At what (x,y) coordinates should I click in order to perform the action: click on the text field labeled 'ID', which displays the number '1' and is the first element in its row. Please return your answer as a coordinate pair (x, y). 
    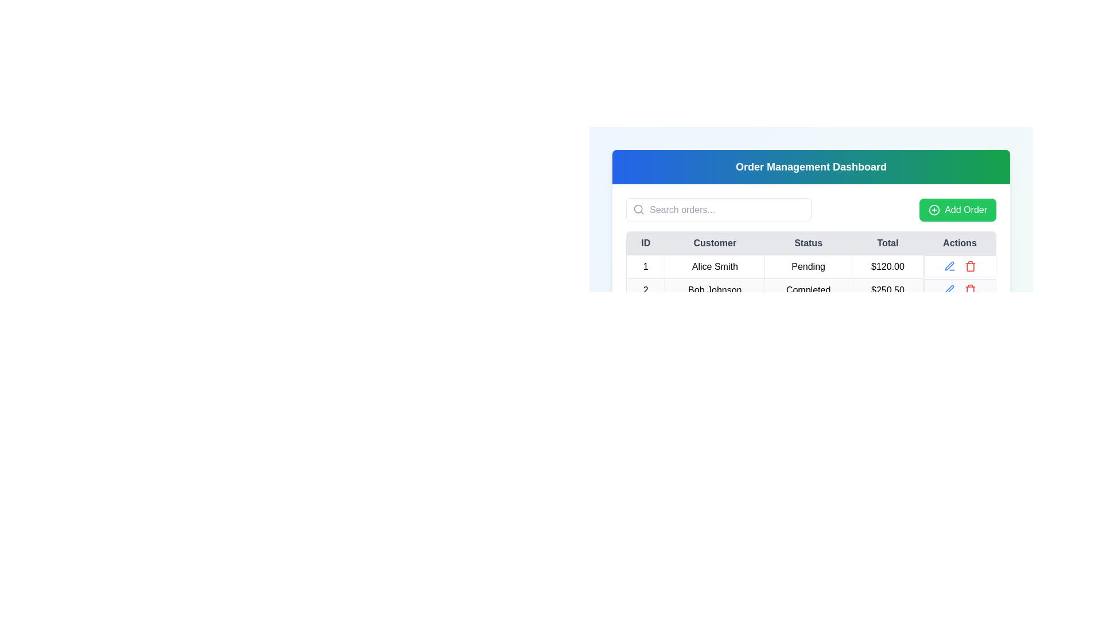
    Looking at the image, I should click on (646, 267).